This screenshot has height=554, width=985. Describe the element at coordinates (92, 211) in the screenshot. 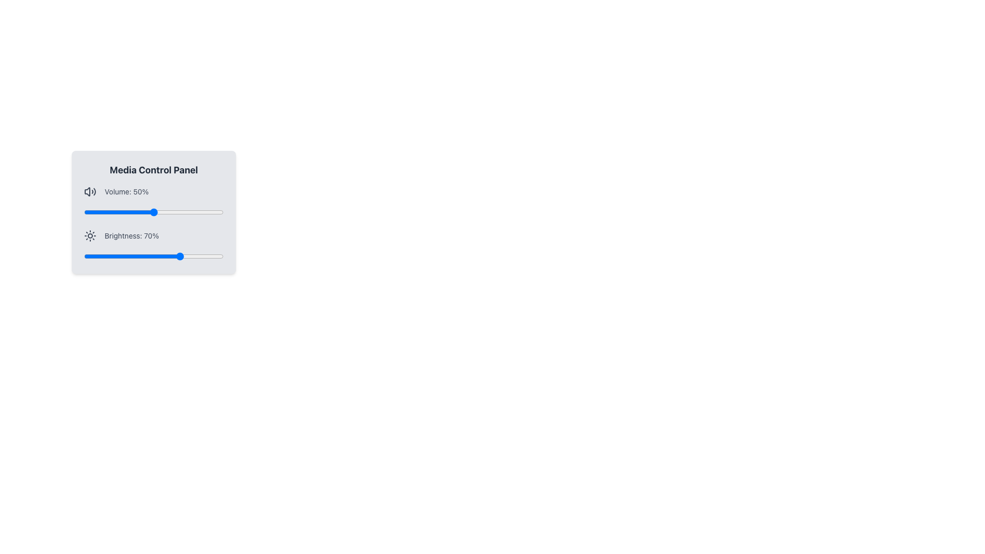

I see `the slider value` at that location.